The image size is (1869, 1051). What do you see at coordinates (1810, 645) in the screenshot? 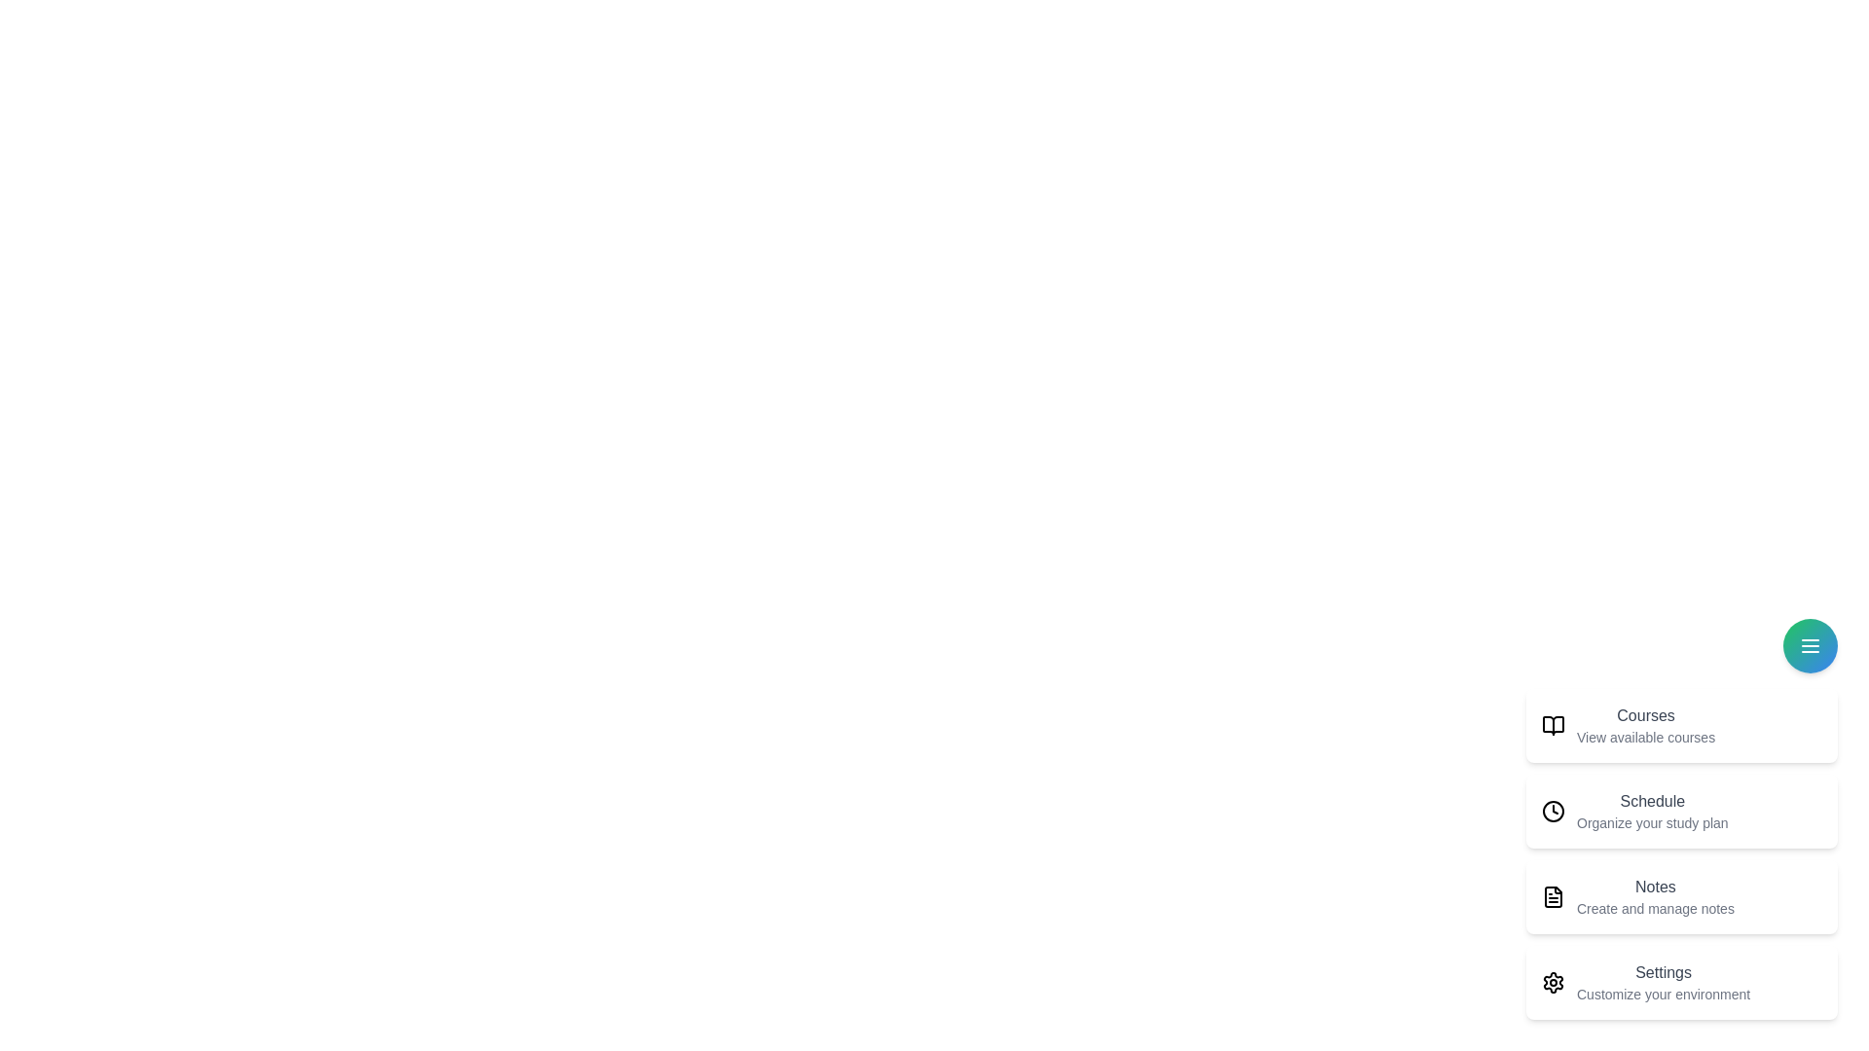
I see `the speed dial button to toggle the menu` at bounding box center [1810, 645].